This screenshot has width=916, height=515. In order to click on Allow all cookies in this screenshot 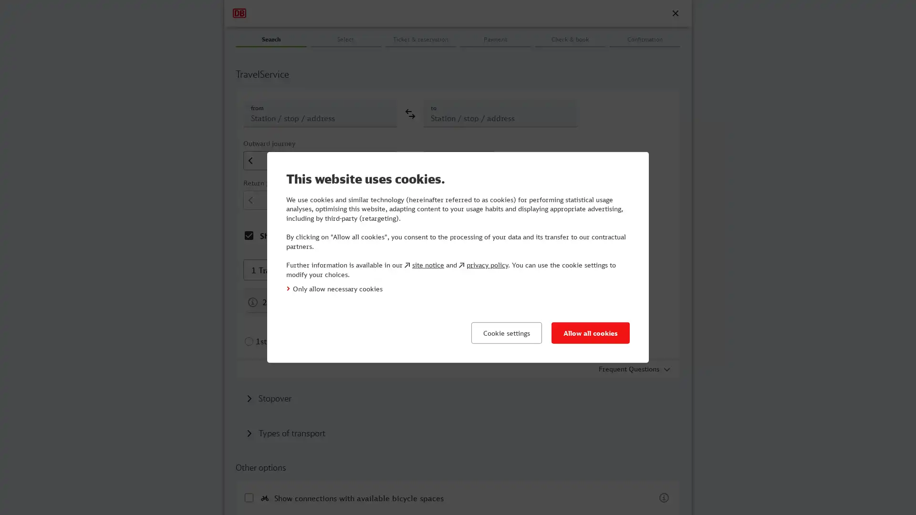, I will do `click(590, 332)`.